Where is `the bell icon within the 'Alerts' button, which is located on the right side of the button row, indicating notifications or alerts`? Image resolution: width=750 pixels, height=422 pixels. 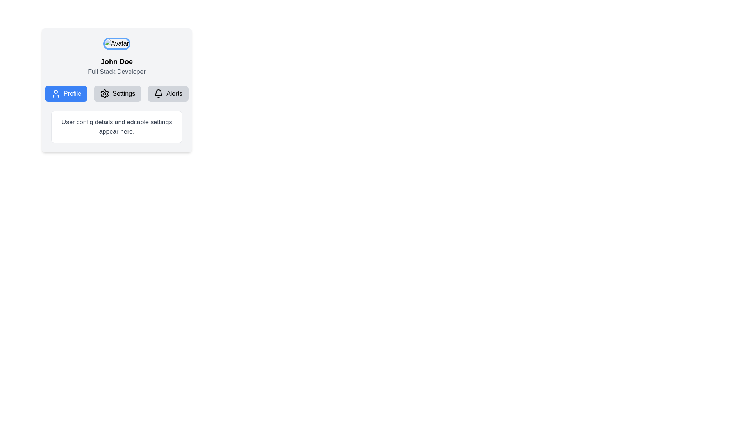 the bell icon within the 'Alerts' button, which is located on the right side of the button row, indicating notifications or alerts is located at coordinates (158, 93).